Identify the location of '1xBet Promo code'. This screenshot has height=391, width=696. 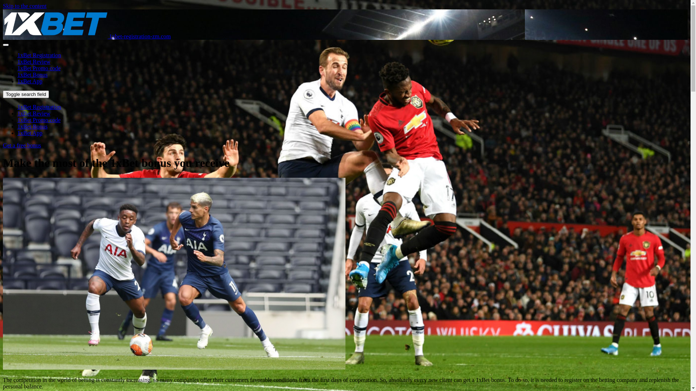
(38, 68).